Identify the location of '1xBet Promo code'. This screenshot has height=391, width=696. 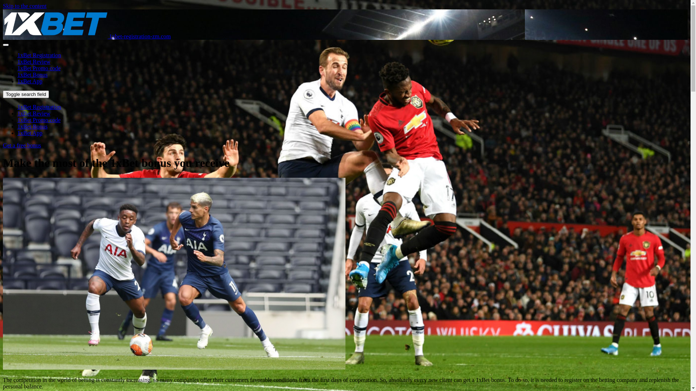
(38, 68).